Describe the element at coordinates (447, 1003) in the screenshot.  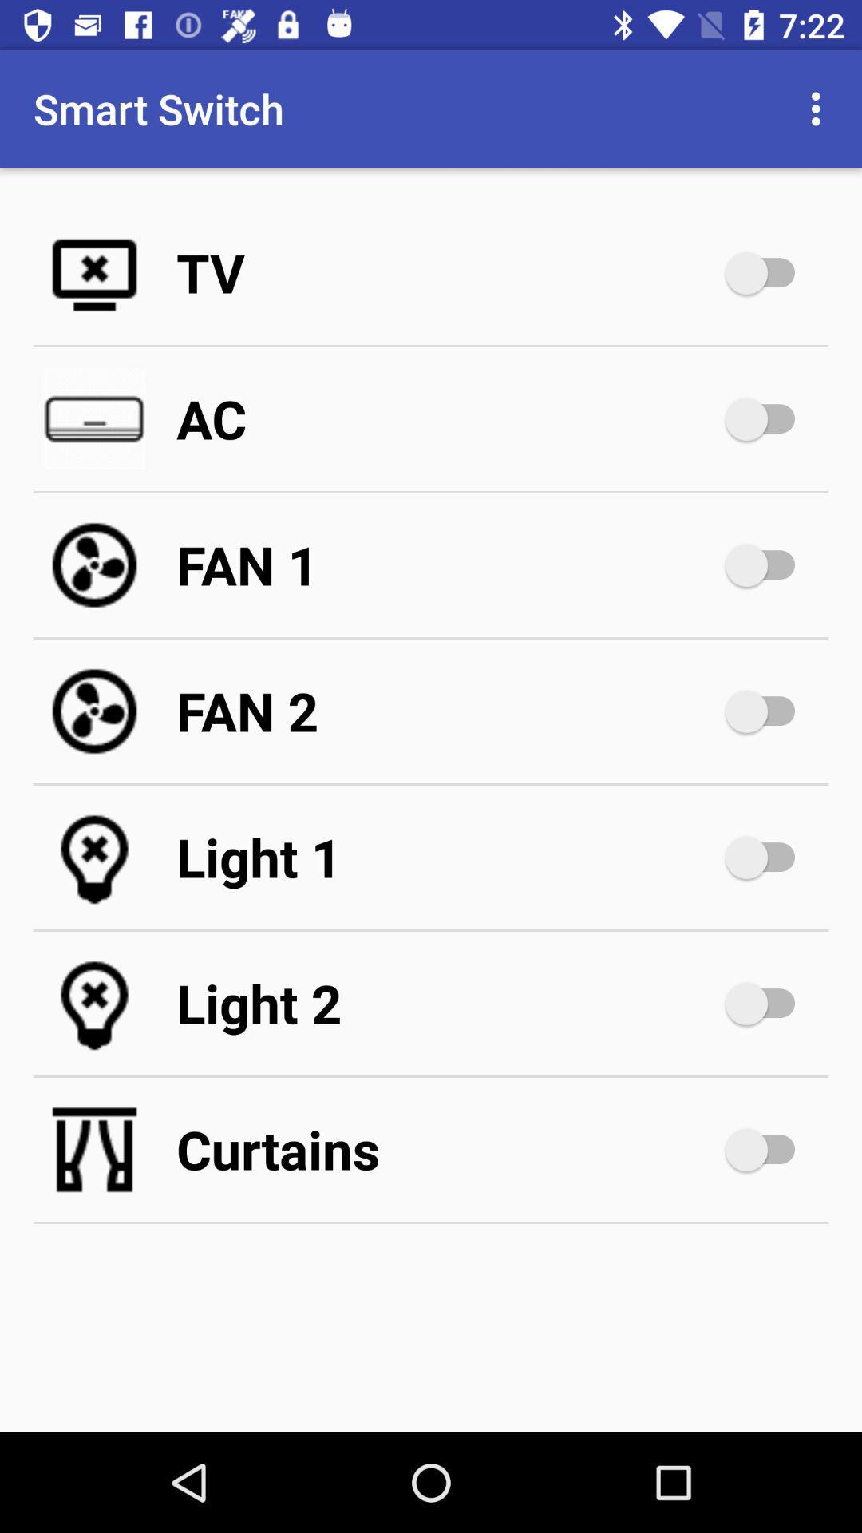
I see `light 2` at that location.